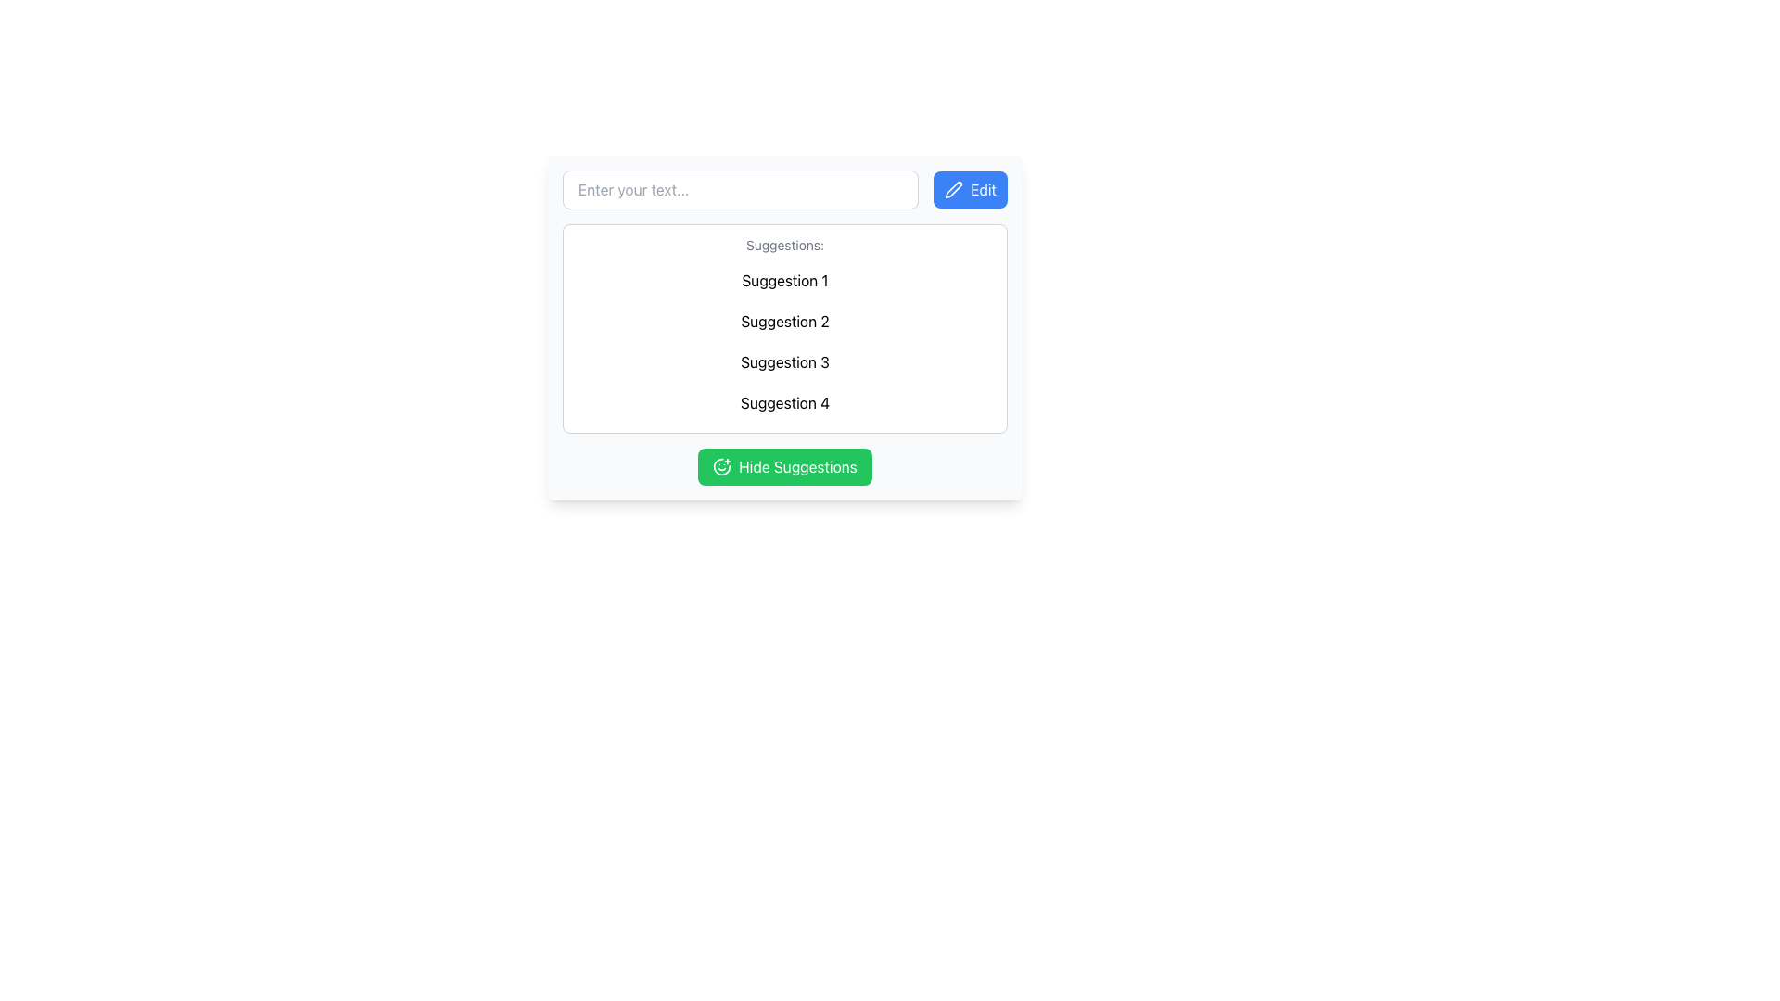 The width and height of the screenshot is (1780, 1001). Describe the element at coordinates (784, 402) in the screenshot. I see `the fourth suggestion text element in the vertically-stacked list` at that location.